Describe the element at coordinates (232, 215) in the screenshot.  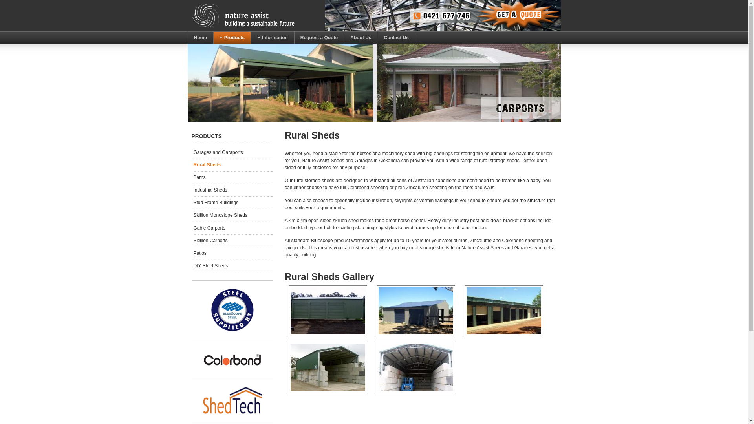
I see `'Skillion Monoslope Sheds'` at that location.